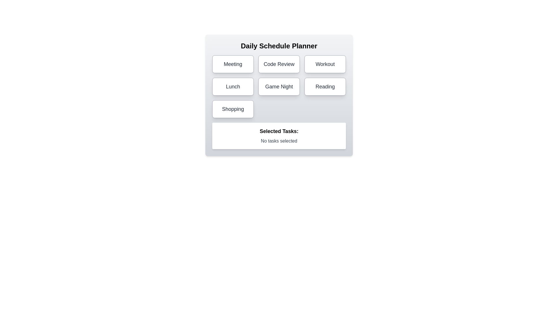 Image resolution: width=553 pixels, height=311 pixels. What do you see at coordinates (233, 109) in the screenshot?
I see `the button corresponding to Shopping` at bounding box center [233, 109].